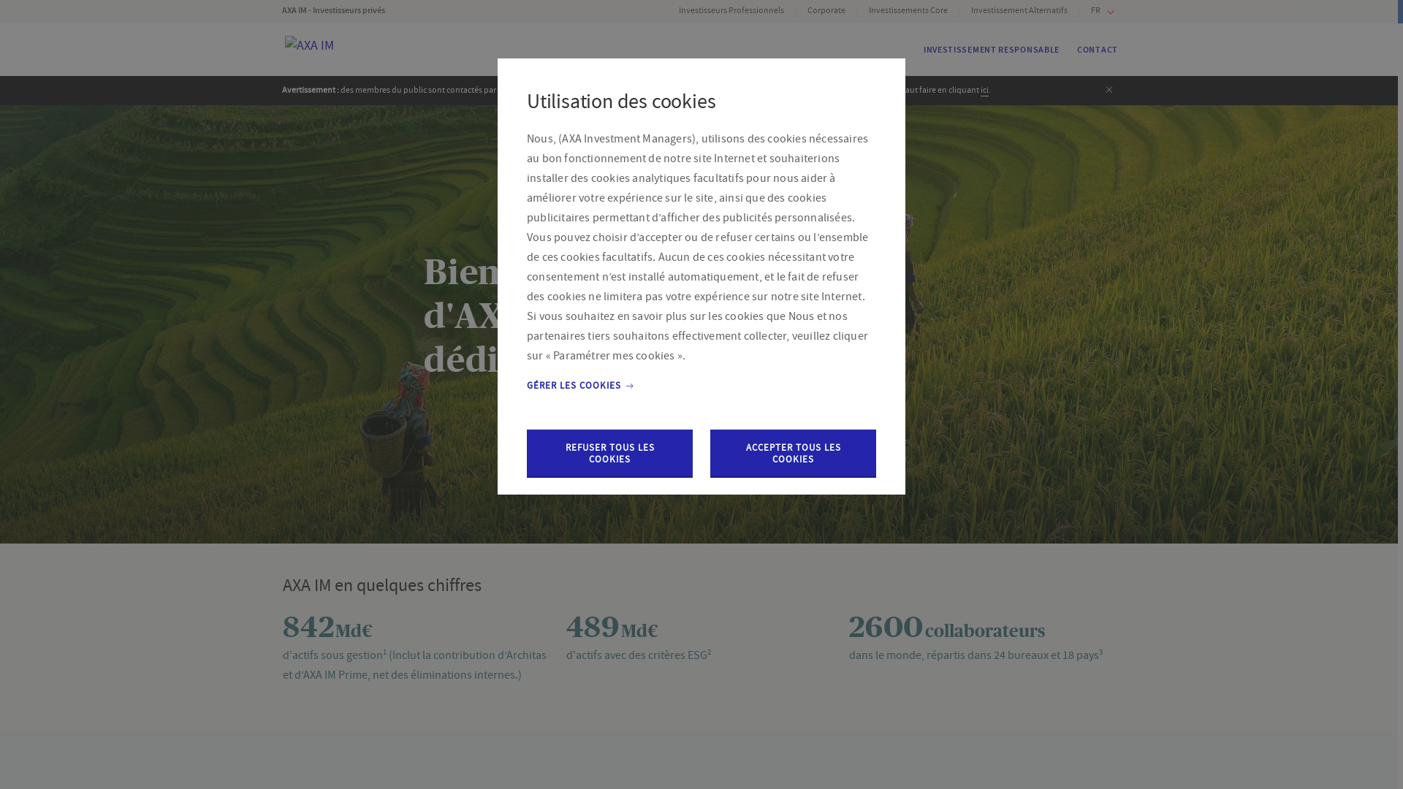 This screenshot has width=1403, height=789. Describe the element at coordinates (826, 11) in the screenshot. I see `'Corporate'` at that location.